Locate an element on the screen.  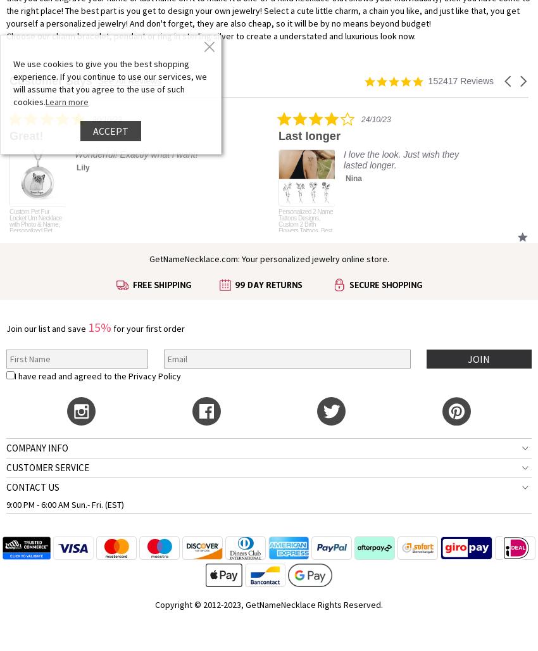
'COMPANY INFO' is located at coordinates (37, 447).